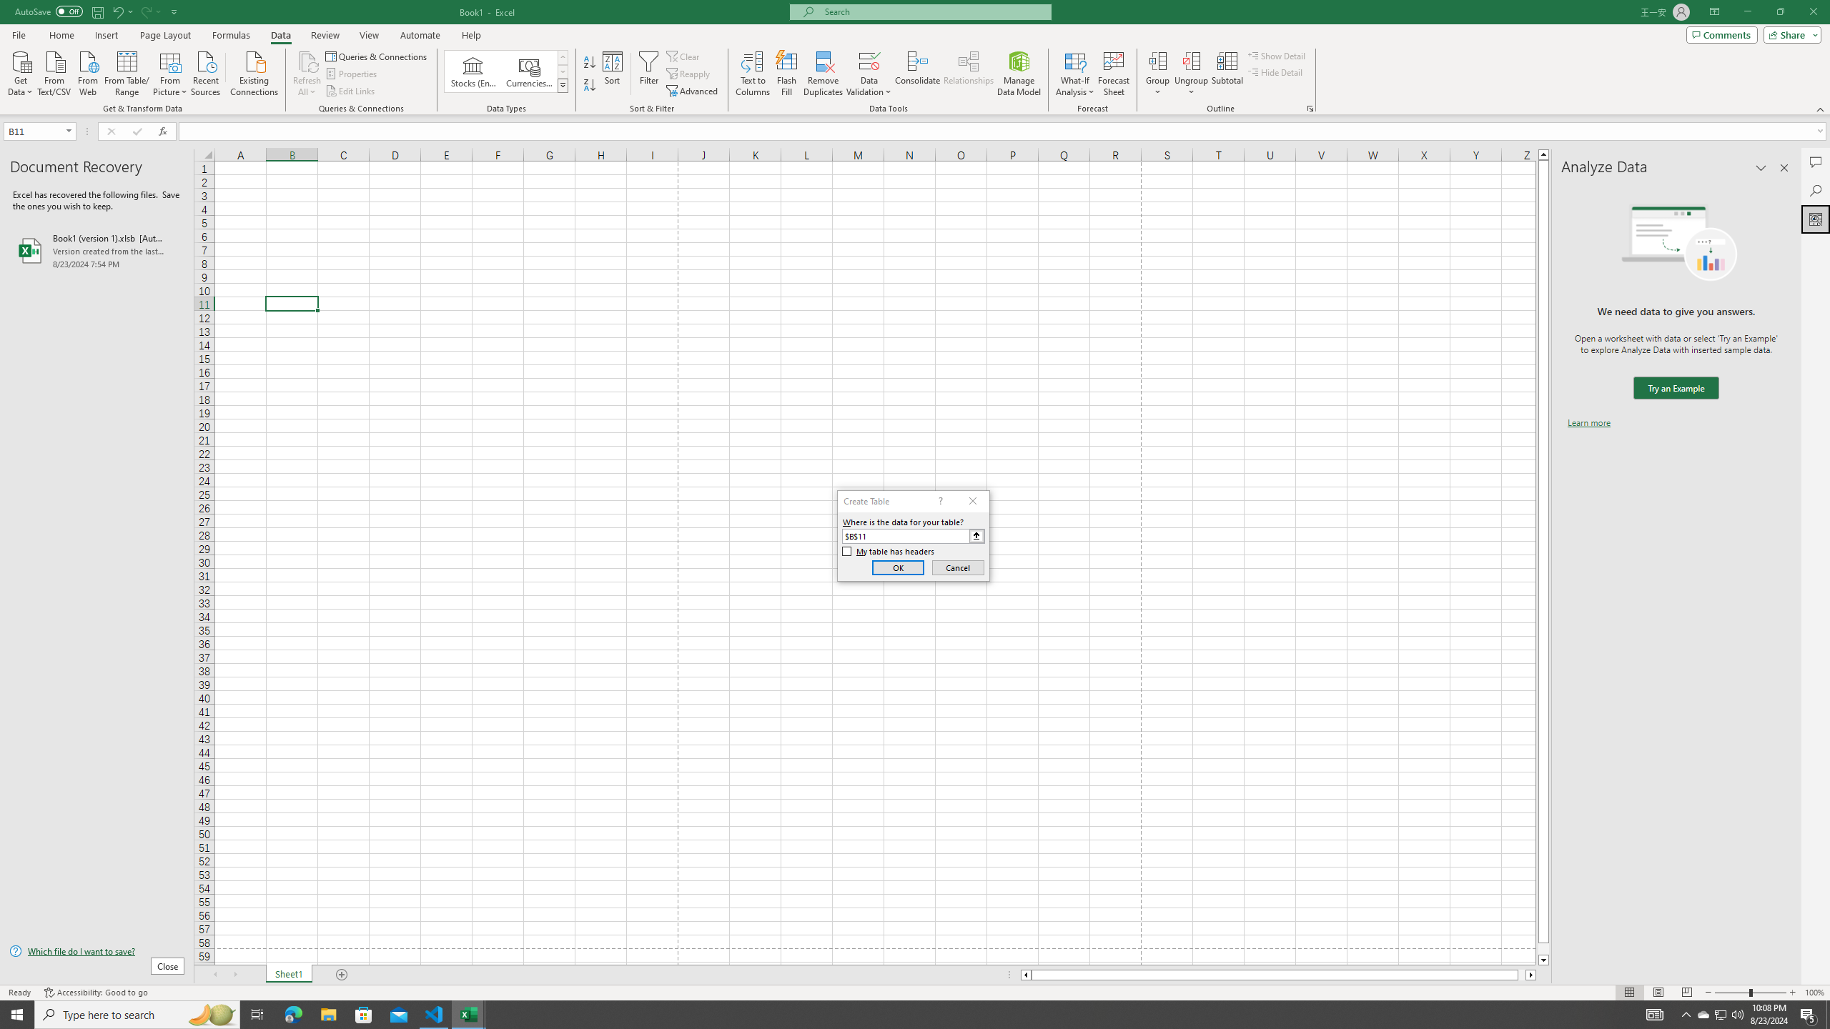 The width and height of the screenshot is (1830, 1029). I want to click on 'Learn more', so click(1588, 422).